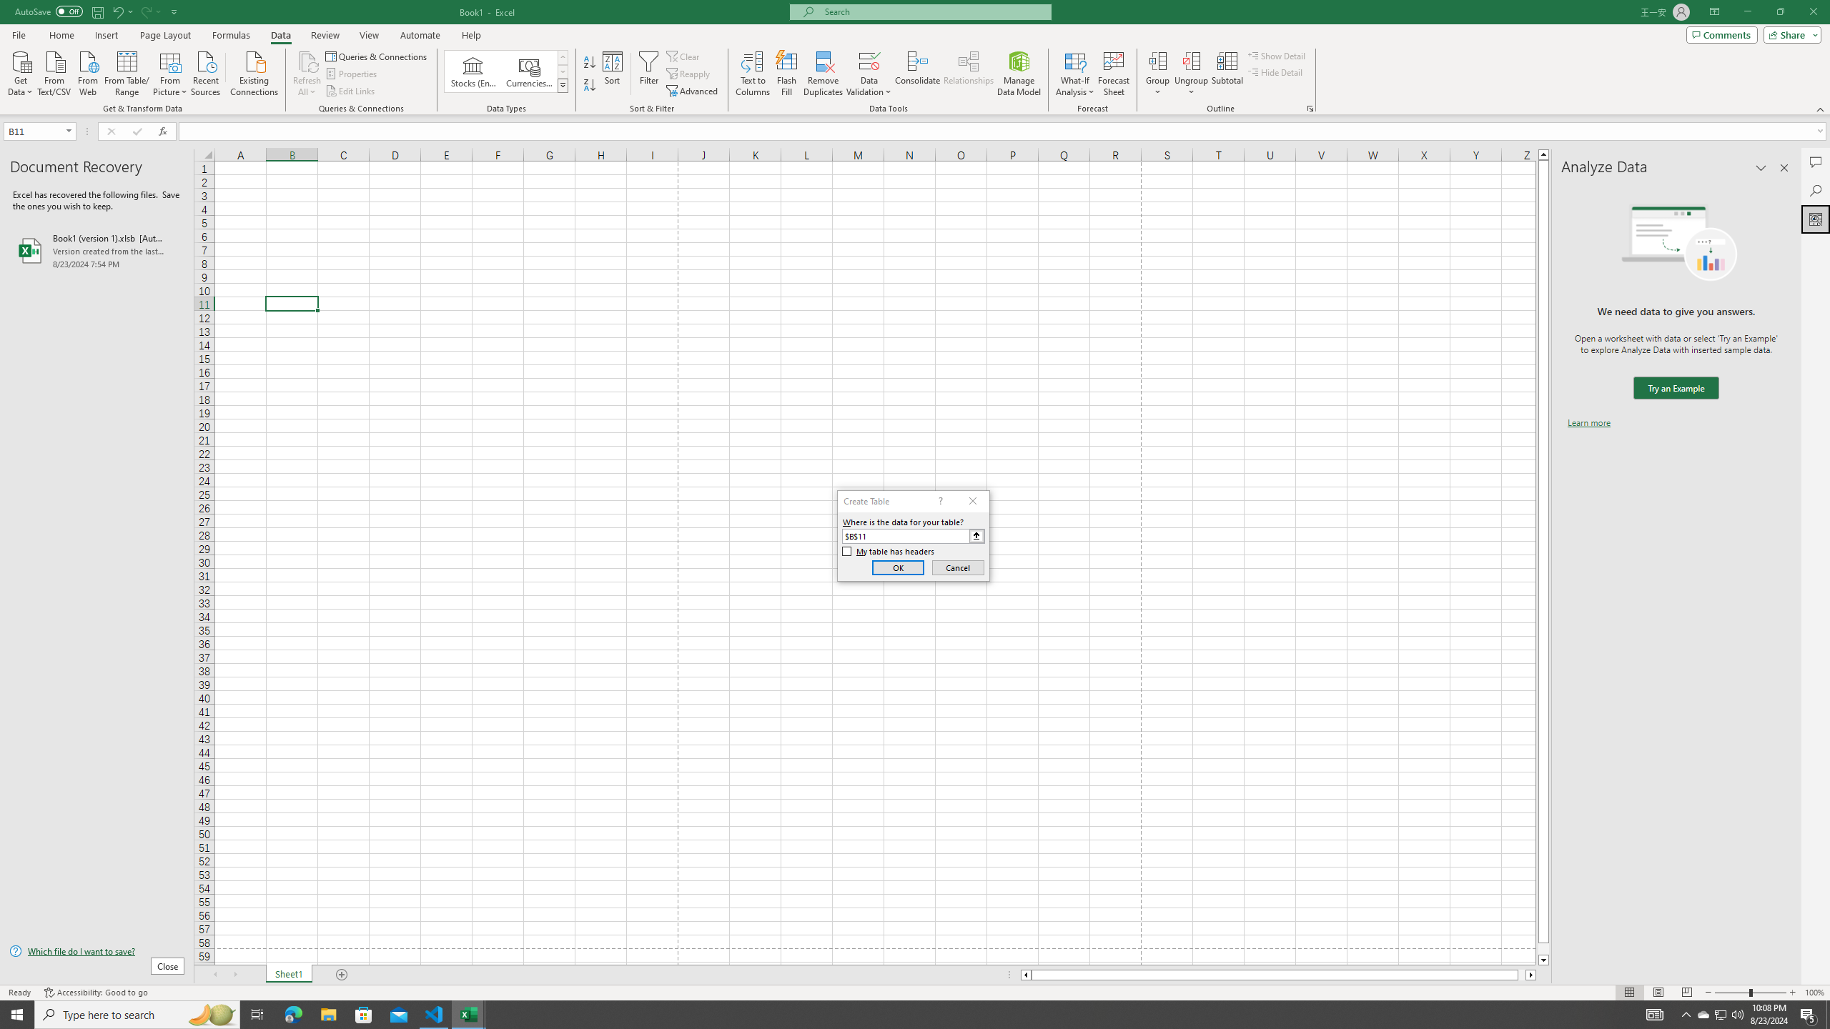 The width and height of the screenshot is (1830, 1029). I want to click on 'Learn more', so click(1588, 422).